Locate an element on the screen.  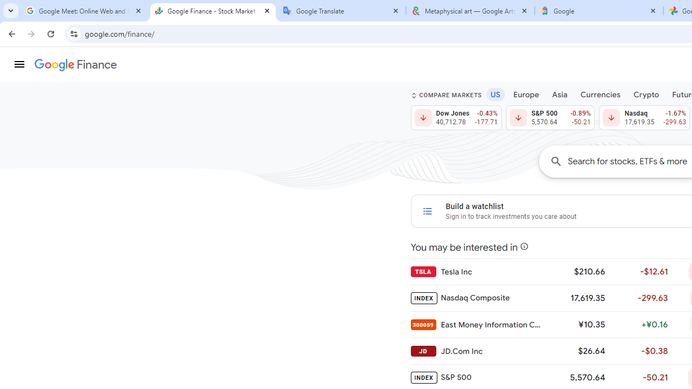
'US' is located at coordinates (495, 93).